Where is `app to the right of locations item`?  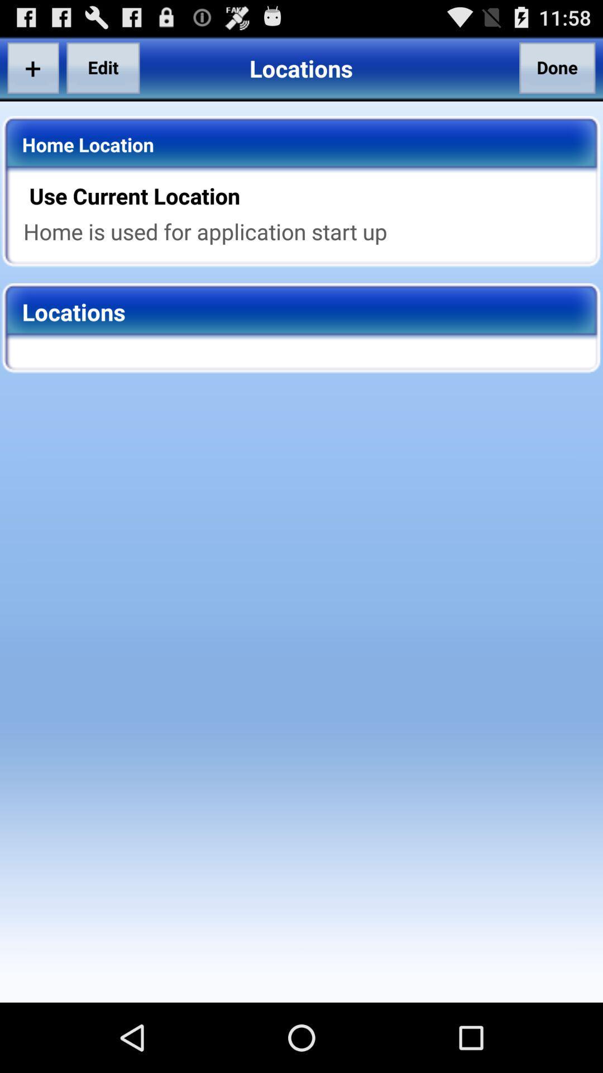 app to the right of locations item is located at coordinates (557, 67).